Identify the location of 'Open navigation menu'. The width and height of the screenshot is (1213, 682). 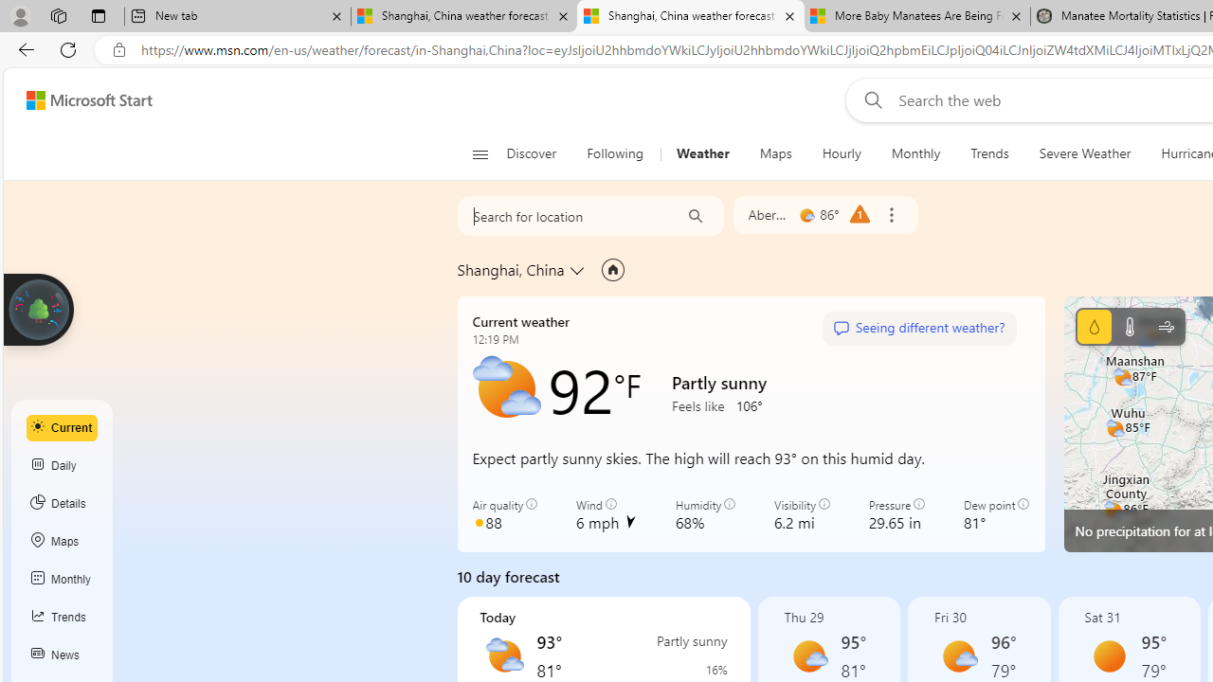
(480, 153).